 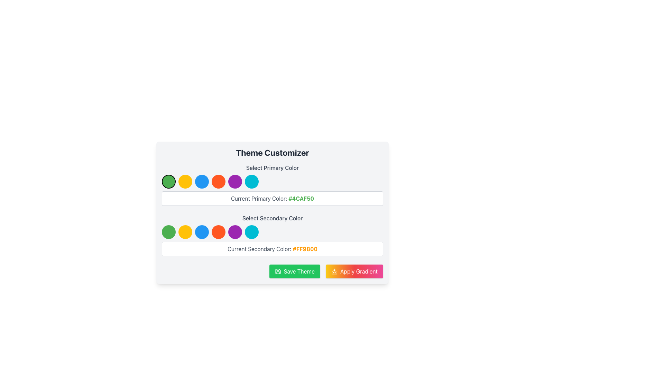 What do you see at coordinates (272, 249) in the screenshot?
I see `the Informational Box element that displays 'Current Secondary Color' and '#FF9800'` at bounding box center [272, 249].